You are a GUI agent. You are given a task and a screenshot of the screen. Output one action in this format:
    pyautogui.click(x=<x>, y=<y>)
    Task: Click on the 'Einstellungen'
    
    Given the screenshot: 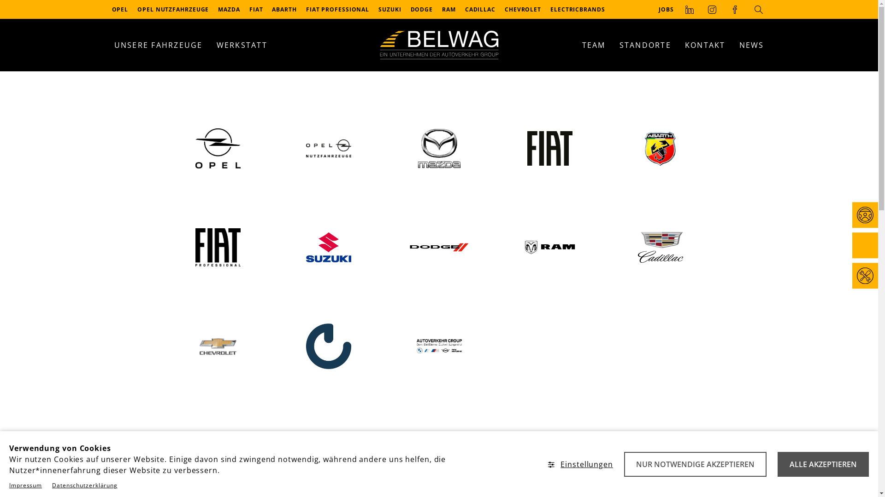 What is the action you would take?
    pyautogui.click(x=580, y=464)
    